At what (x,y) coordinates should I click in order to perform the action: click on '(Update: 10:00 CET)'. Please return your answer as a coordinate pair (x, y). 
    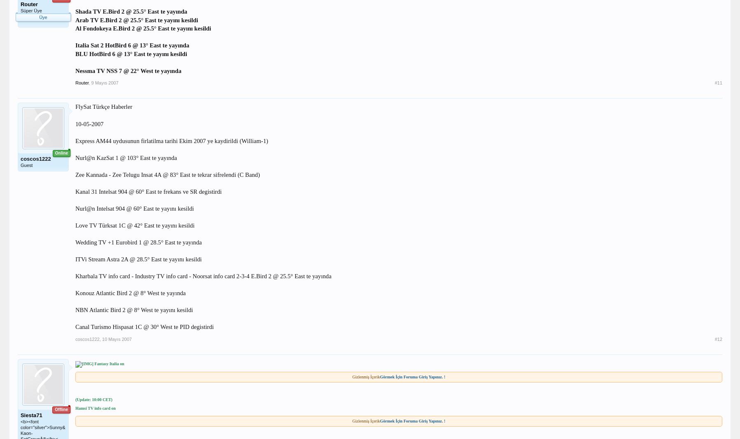
    Looking at the image, I should click on (94, 399).